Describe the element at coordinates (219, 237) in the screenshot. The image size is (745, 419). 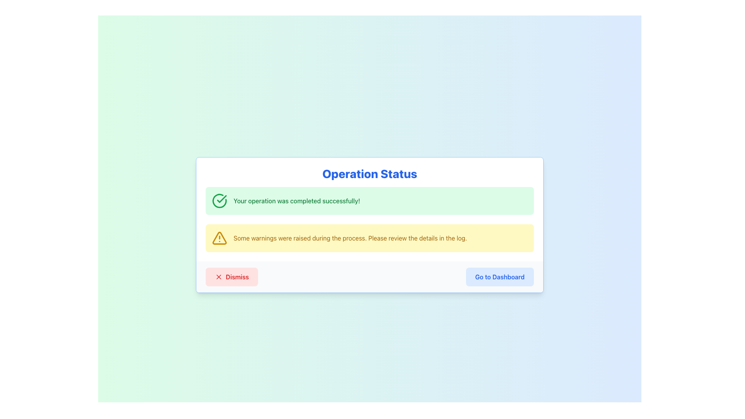
I see `the warning icon located in the yellow status message section, positioned to the left of the text indicating warnings during the process` at that location.